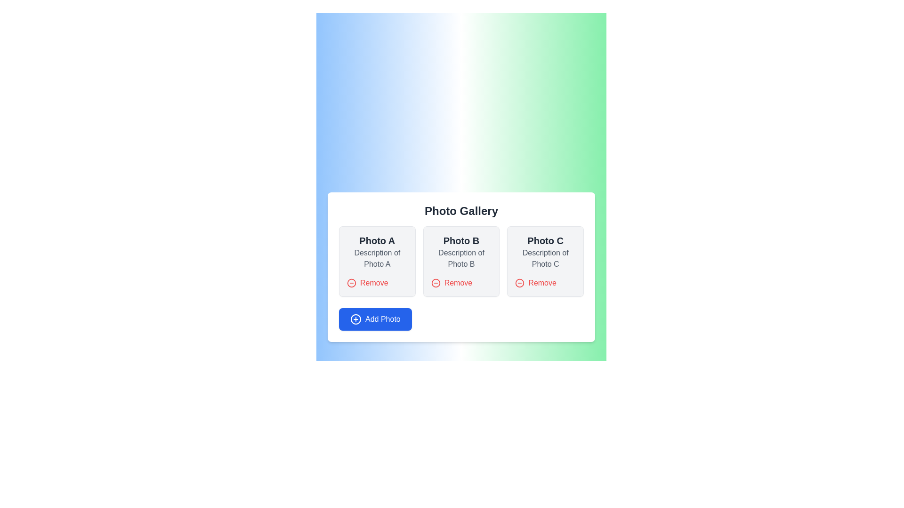 Image resolution: width=904 pixels, height=508 pixels. I want to click on the small circular red-bordered icon symbolizing a 'remove' action, located next to the 'Remove' text label in the card of 'Photo B', so click(435, 282).